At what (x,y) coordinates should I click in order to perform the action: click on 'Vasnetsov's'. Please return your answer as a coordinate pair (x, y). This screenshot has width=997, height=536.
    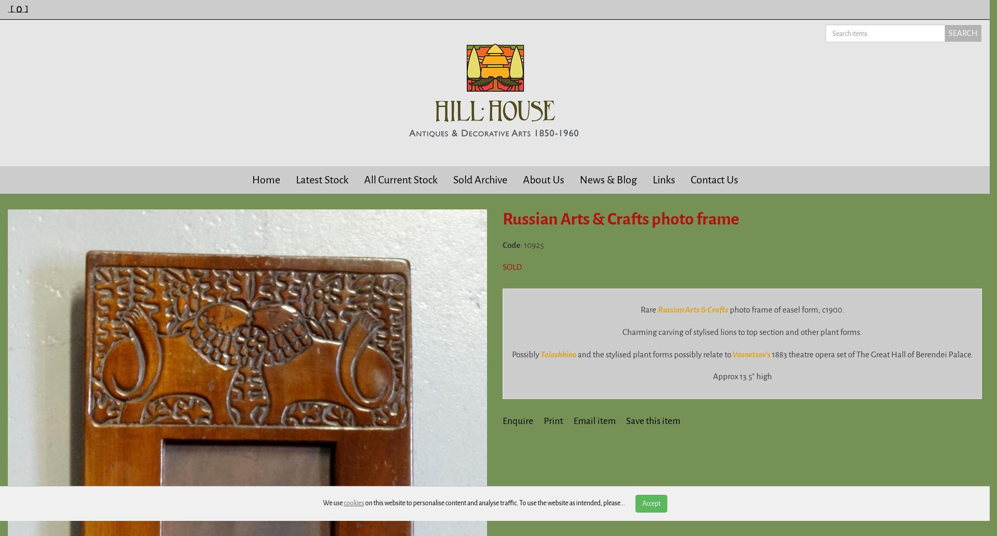
    Looking at the image, I should click on (751, 353).